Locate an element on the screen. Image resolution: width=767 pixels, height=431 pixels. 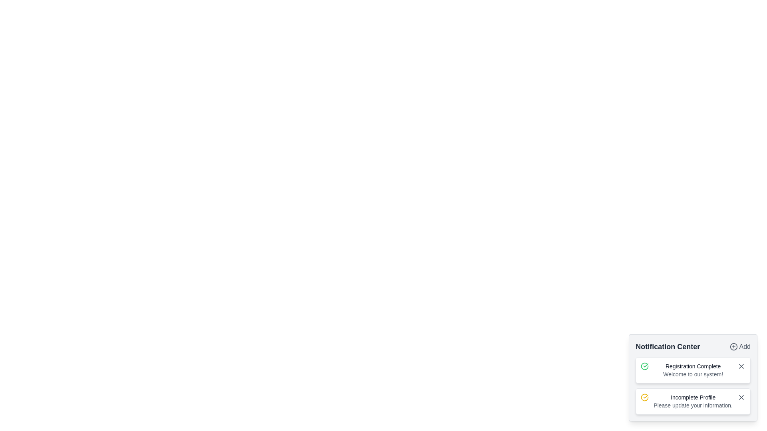
the dismiss button, which is an 'X' icon in dark gray, located at the top-right corner of the 'Incomplete Profile' notification in the Notification Center is located at coordinates (741, 397).